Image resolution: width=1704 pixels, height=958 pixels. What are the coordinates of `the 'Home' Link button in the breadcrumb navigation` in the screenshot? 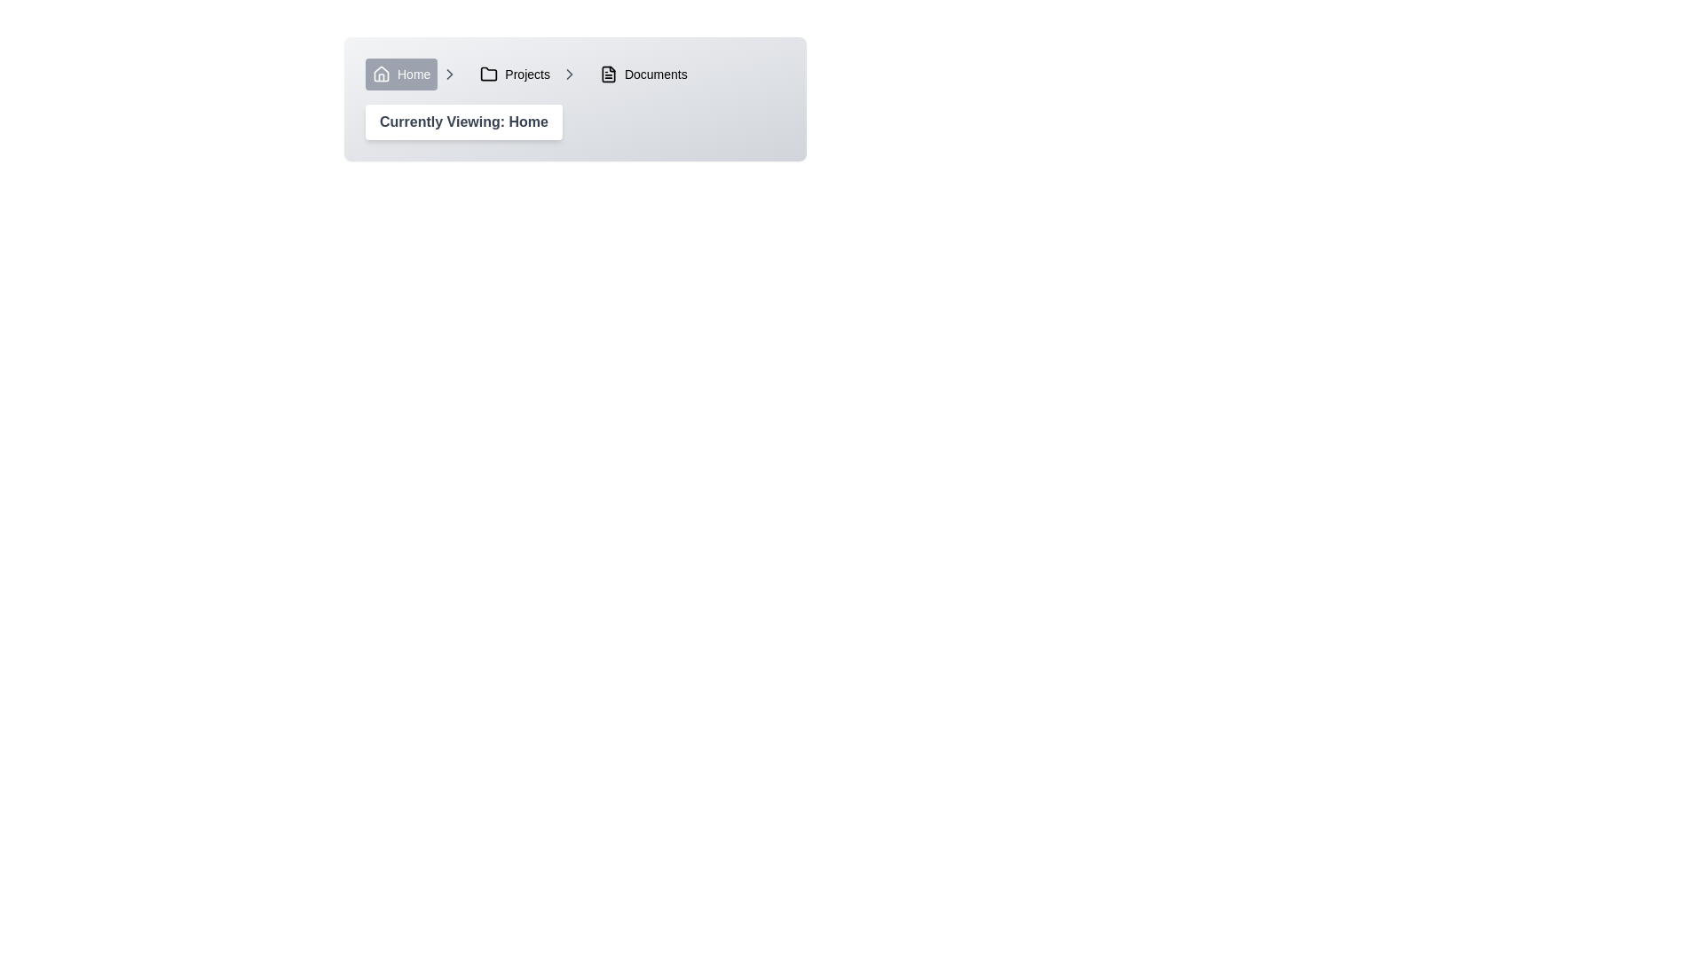 It's located at (411, 74).